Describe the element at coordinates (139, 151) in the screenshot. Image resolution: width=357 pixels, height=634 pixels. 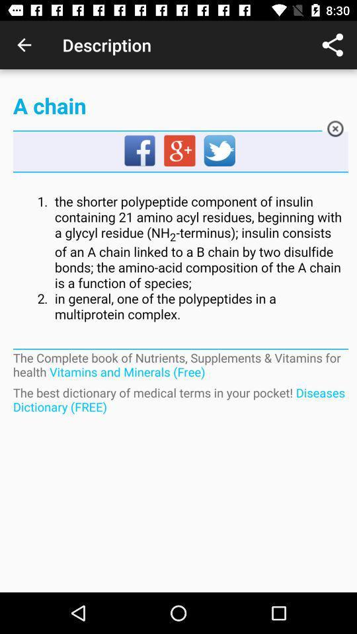
I see `share to facebook` at that location.